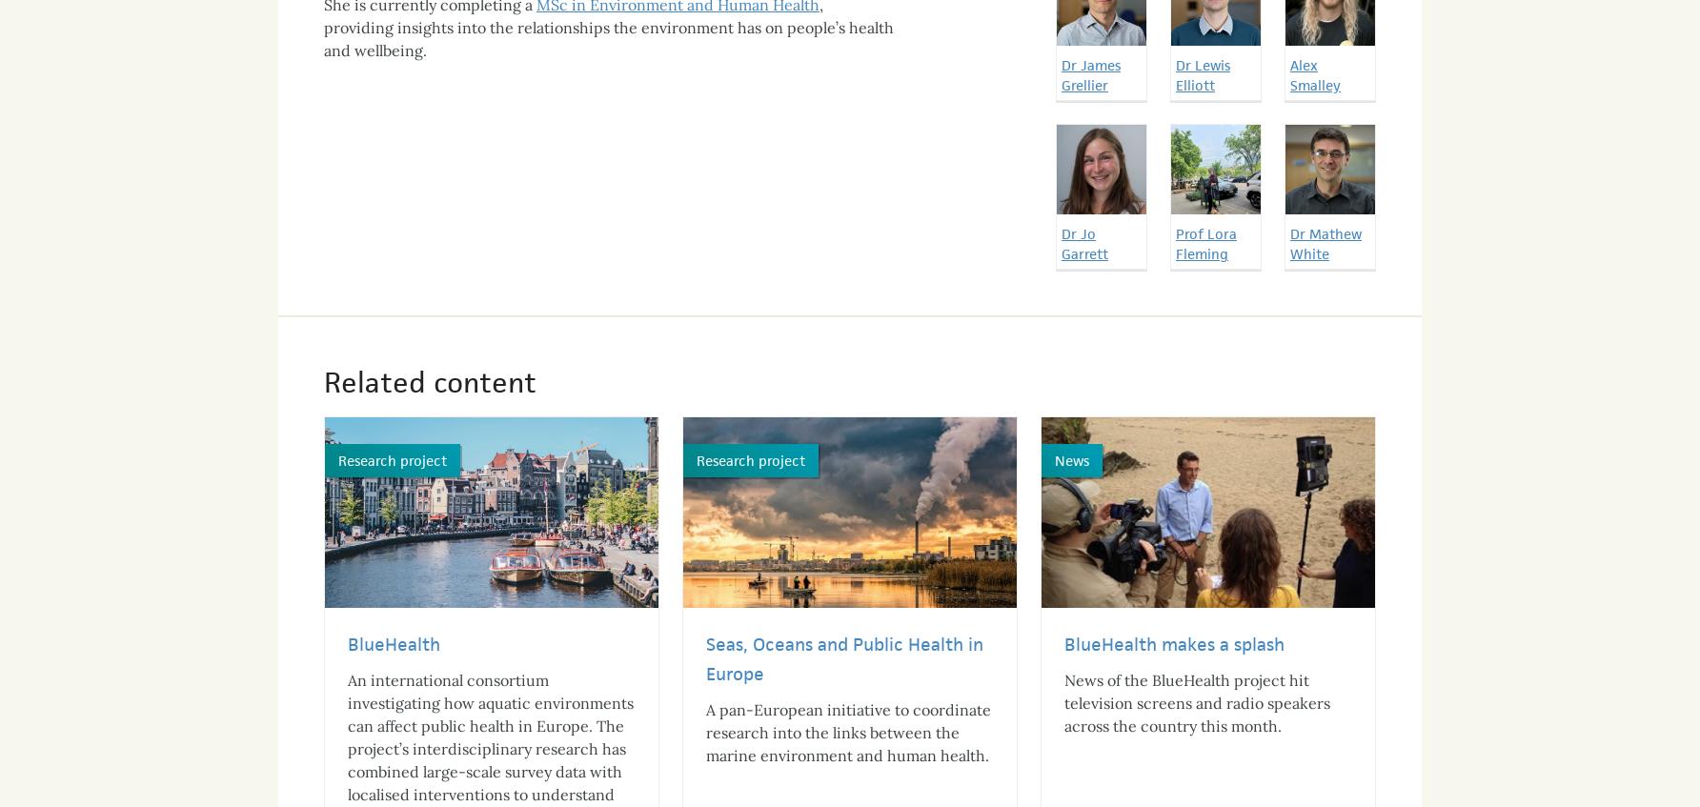  Describe the element at coordinates (843, 641) in the screenshot. I see `'Seas, Oceans and Public Health in Europe'` at that location.